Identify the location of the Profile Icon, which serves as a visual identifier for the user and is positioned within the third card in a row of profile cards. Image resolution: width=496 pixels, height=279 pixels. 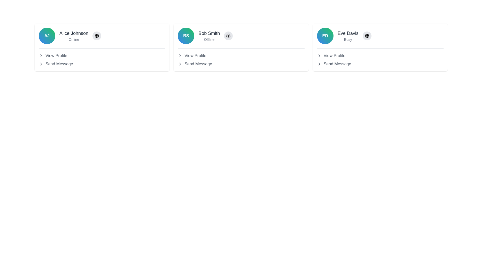
(325, 35).